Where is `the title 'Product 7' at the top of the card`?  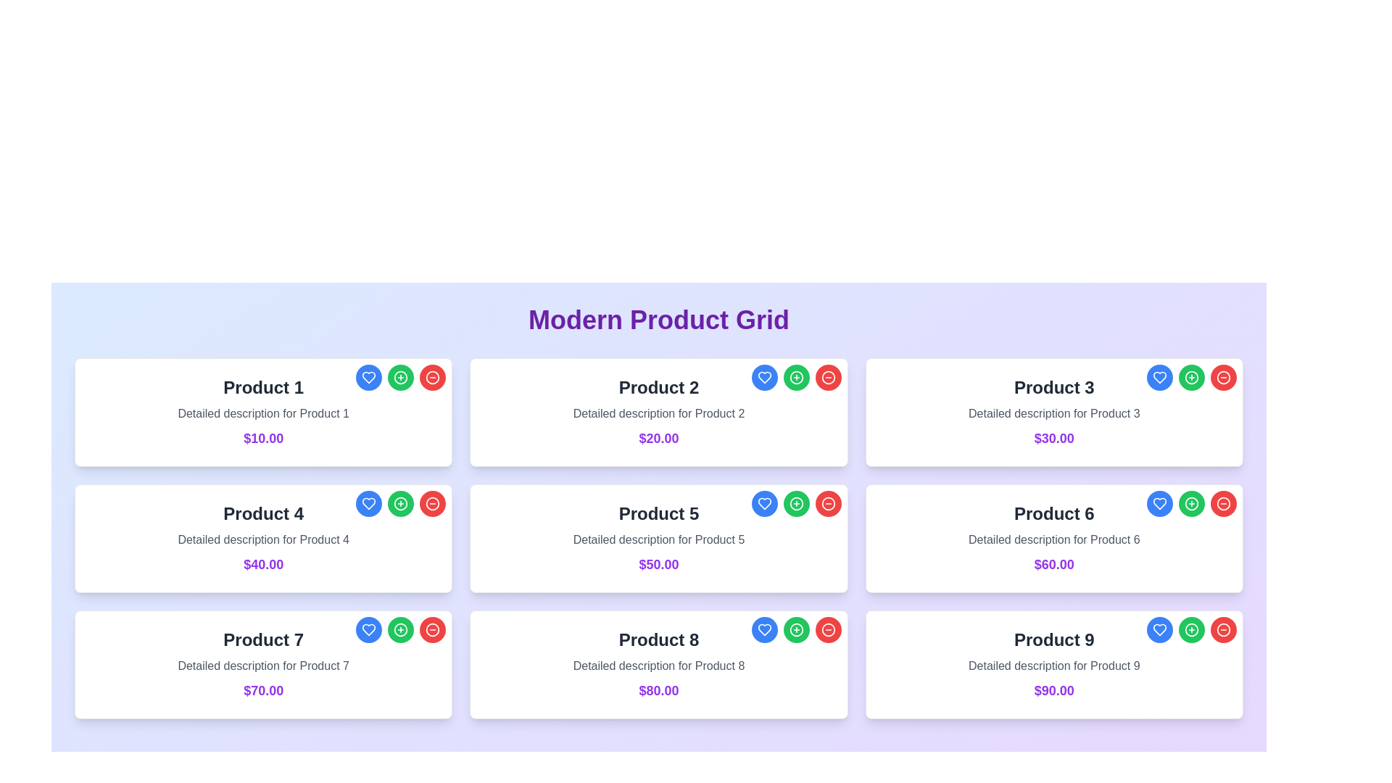 the title 'Product 7' at the top of the card is located at coordinates (263, 665).